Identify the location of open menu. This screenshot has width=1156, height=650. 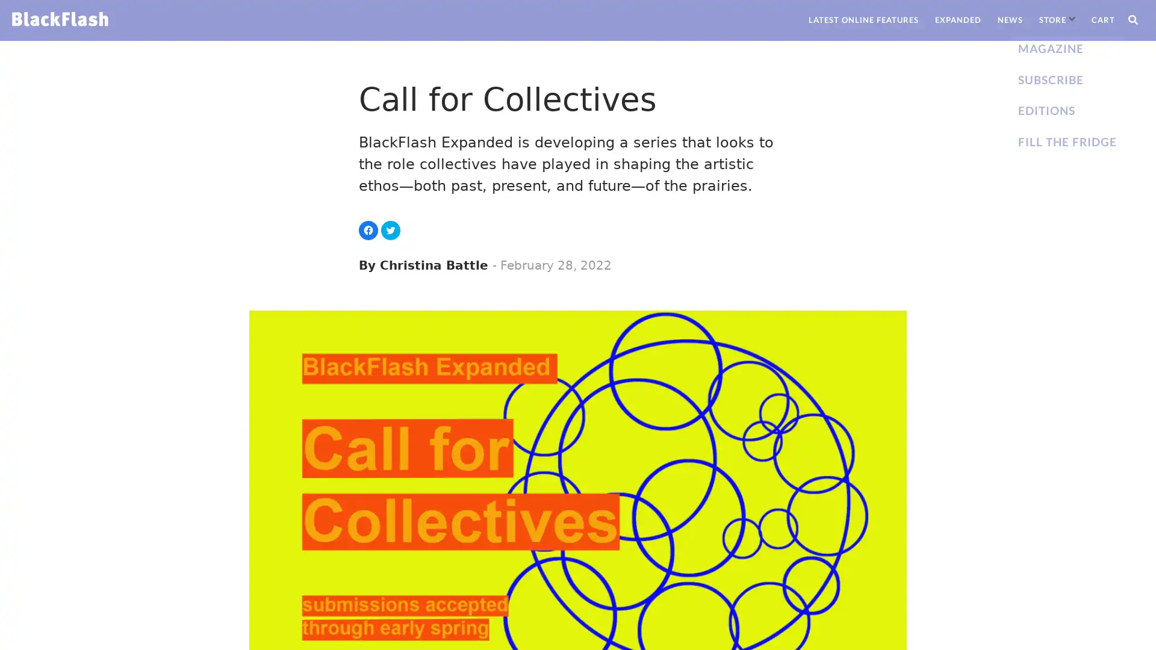
(1072, 19).